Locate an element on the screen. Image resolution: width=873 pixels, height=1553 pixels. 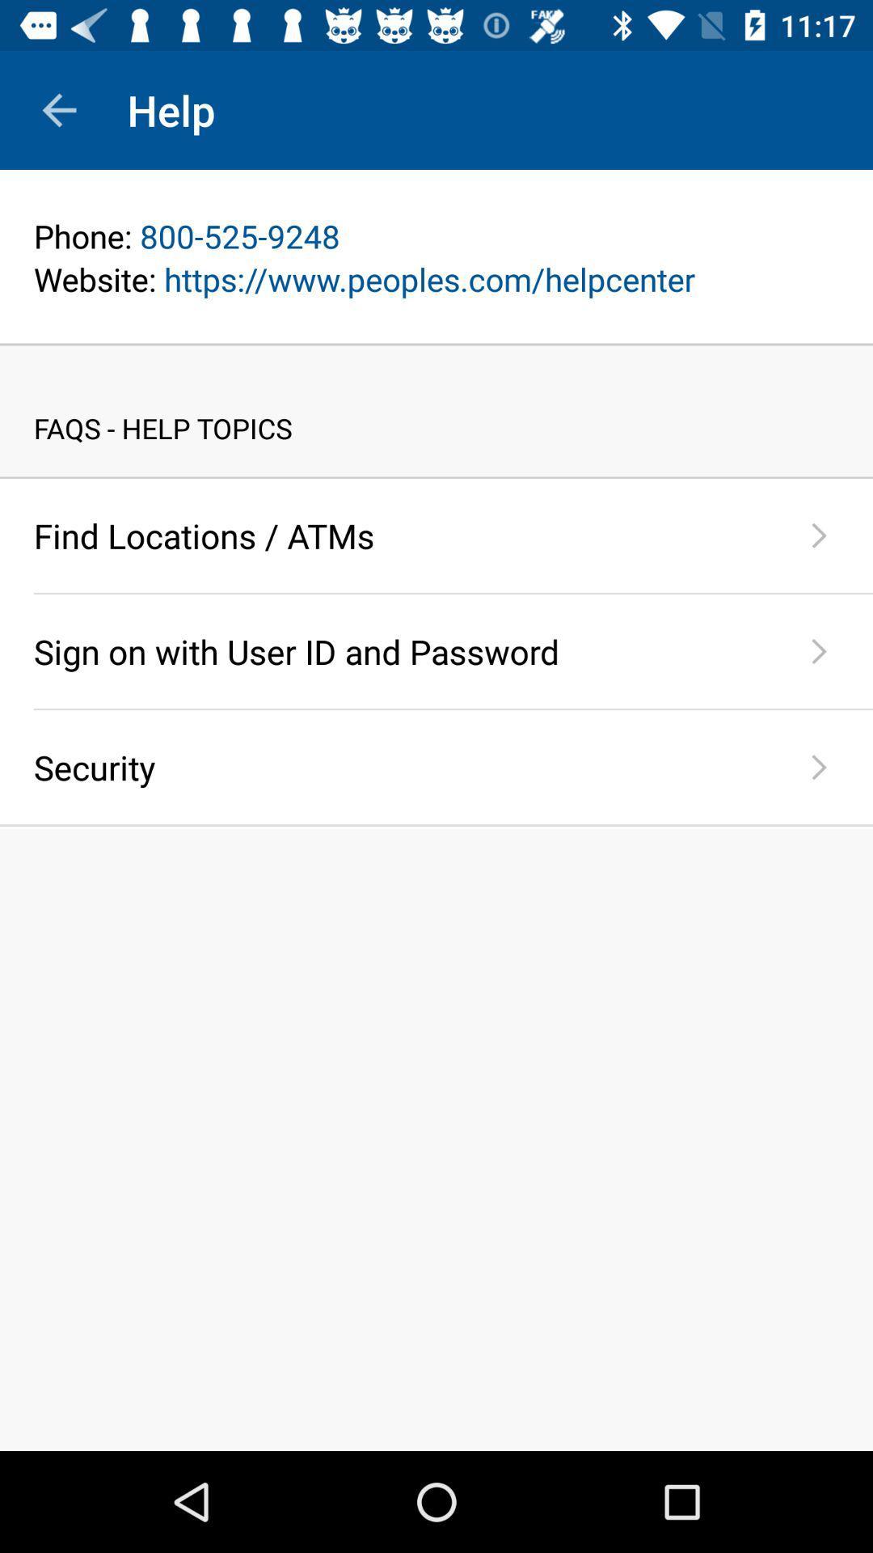
the find locations / atms app is located at coordinates (399, 535).